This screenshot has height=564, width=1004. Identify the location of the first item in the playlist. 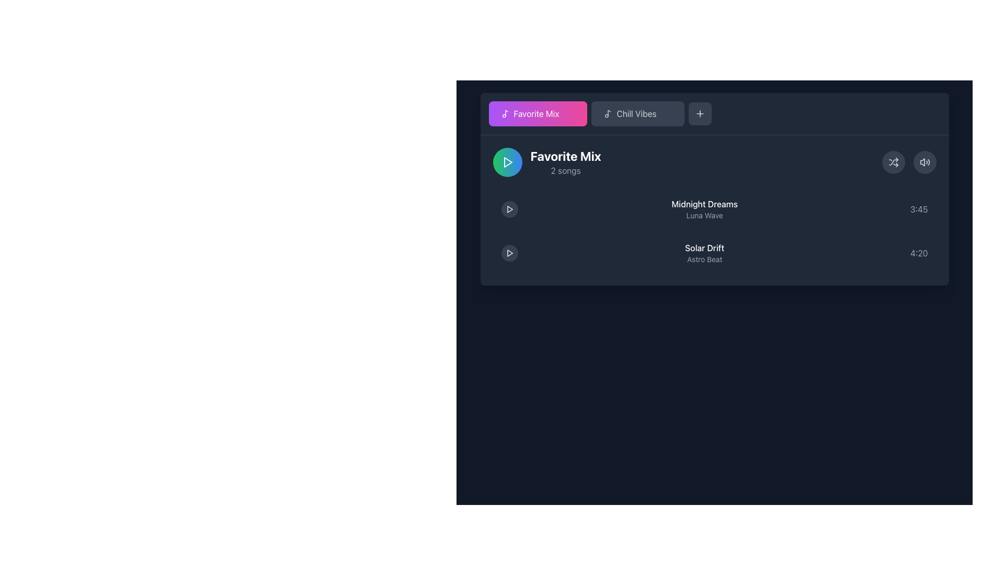
(714, 209).